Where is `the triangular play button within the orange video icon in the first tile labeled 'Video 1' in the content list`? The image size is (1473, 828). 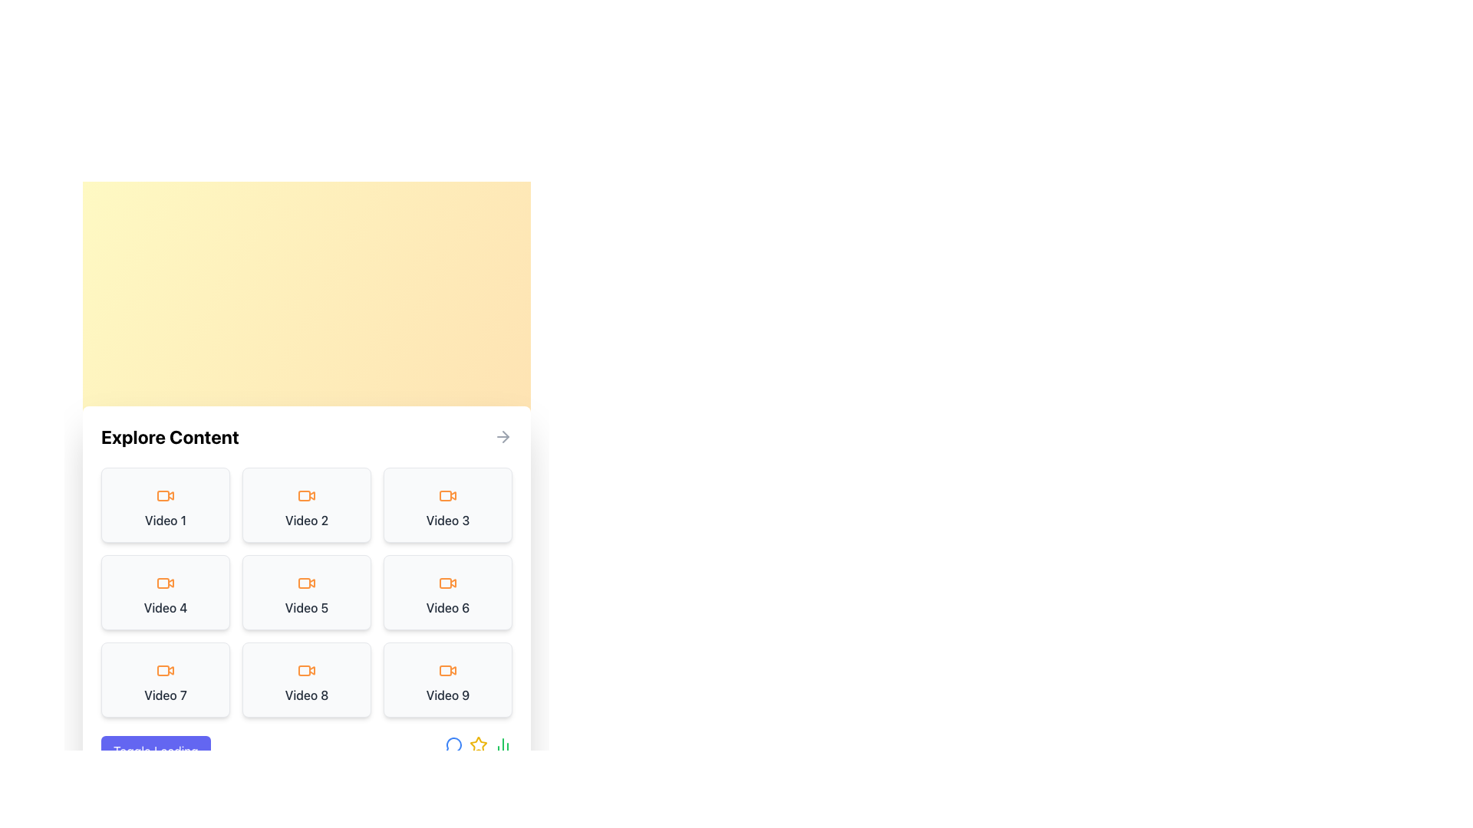 the triangular play button within the orange video icon in the first tile labeled 'Video 1' in the content list is located at coordinates (170, 495).